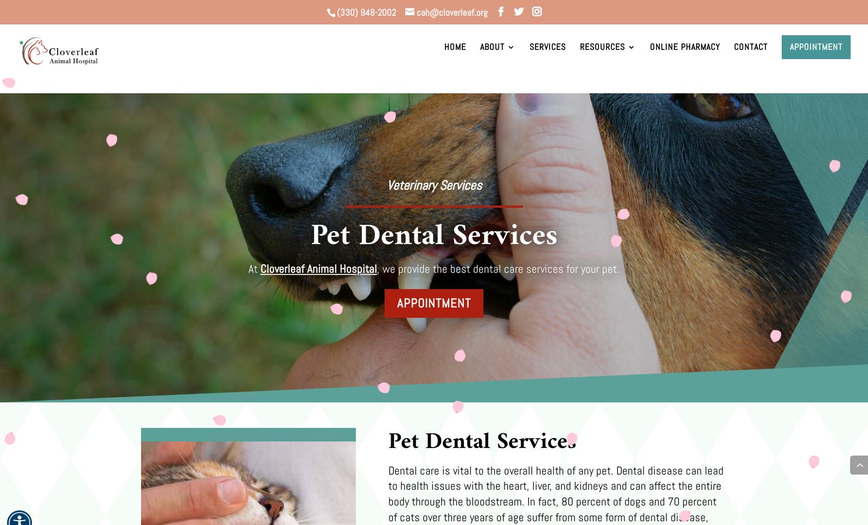 The height and width of the screenshot is (525, 868). I want to click on 'About', so click(492, 62).